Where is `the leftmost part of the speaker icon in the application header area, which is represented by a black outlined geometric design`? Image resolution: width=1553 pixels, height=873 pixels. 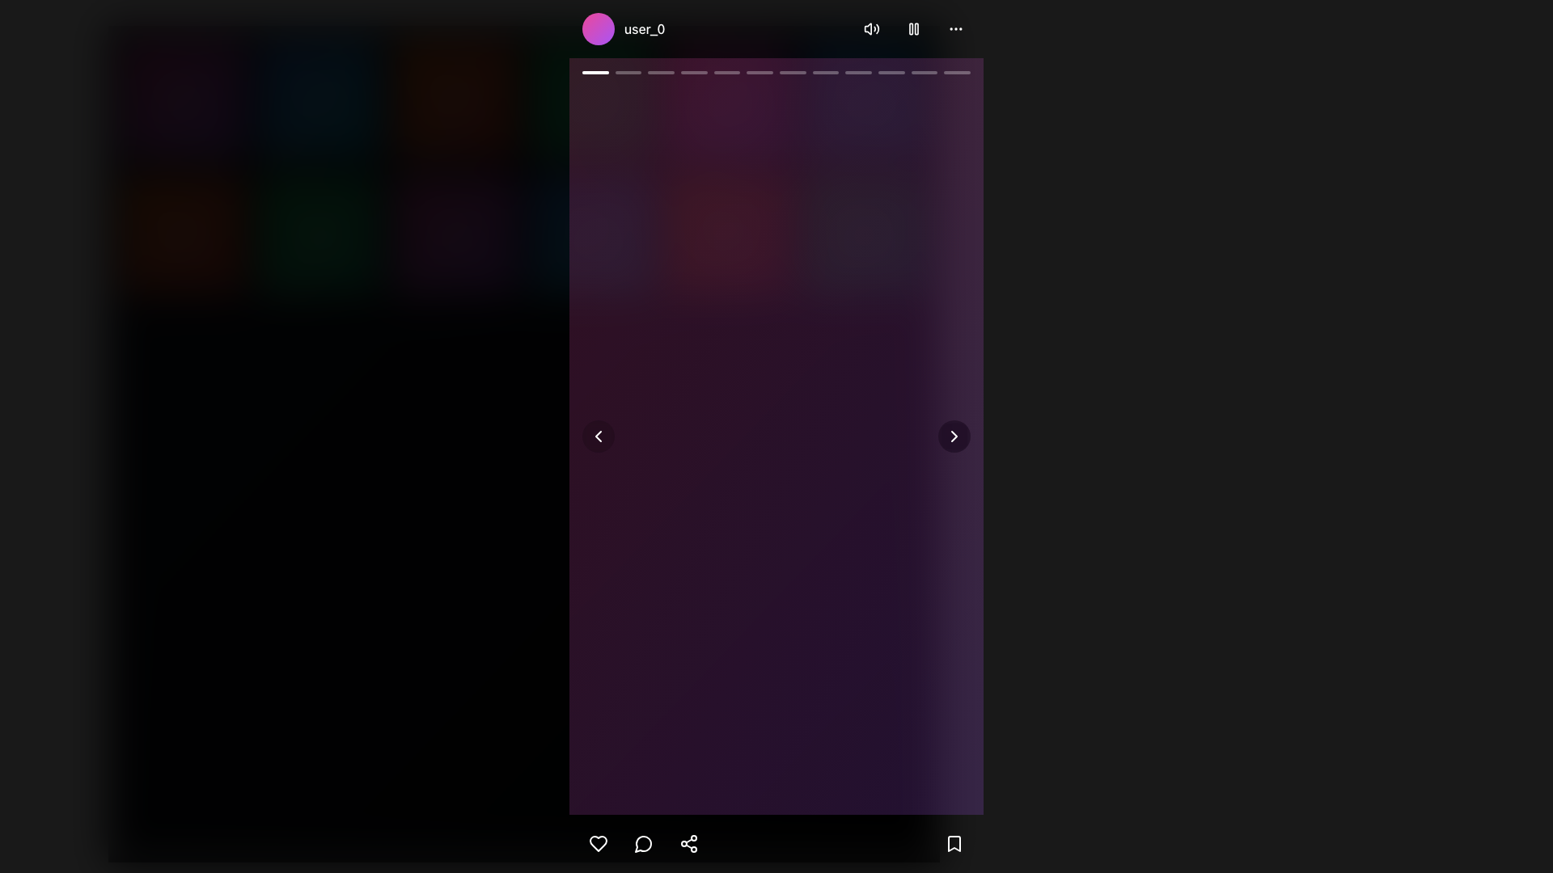 the leftmost part of the speaker icon in the application header area, which is represented by a black outlined geometric design is located at coordinates (867, 28).